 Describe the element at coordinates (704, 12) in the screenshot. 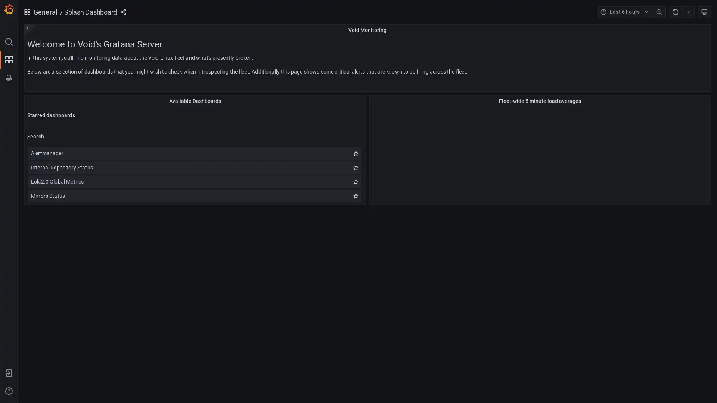

I see `Cycle view mode` at that location.